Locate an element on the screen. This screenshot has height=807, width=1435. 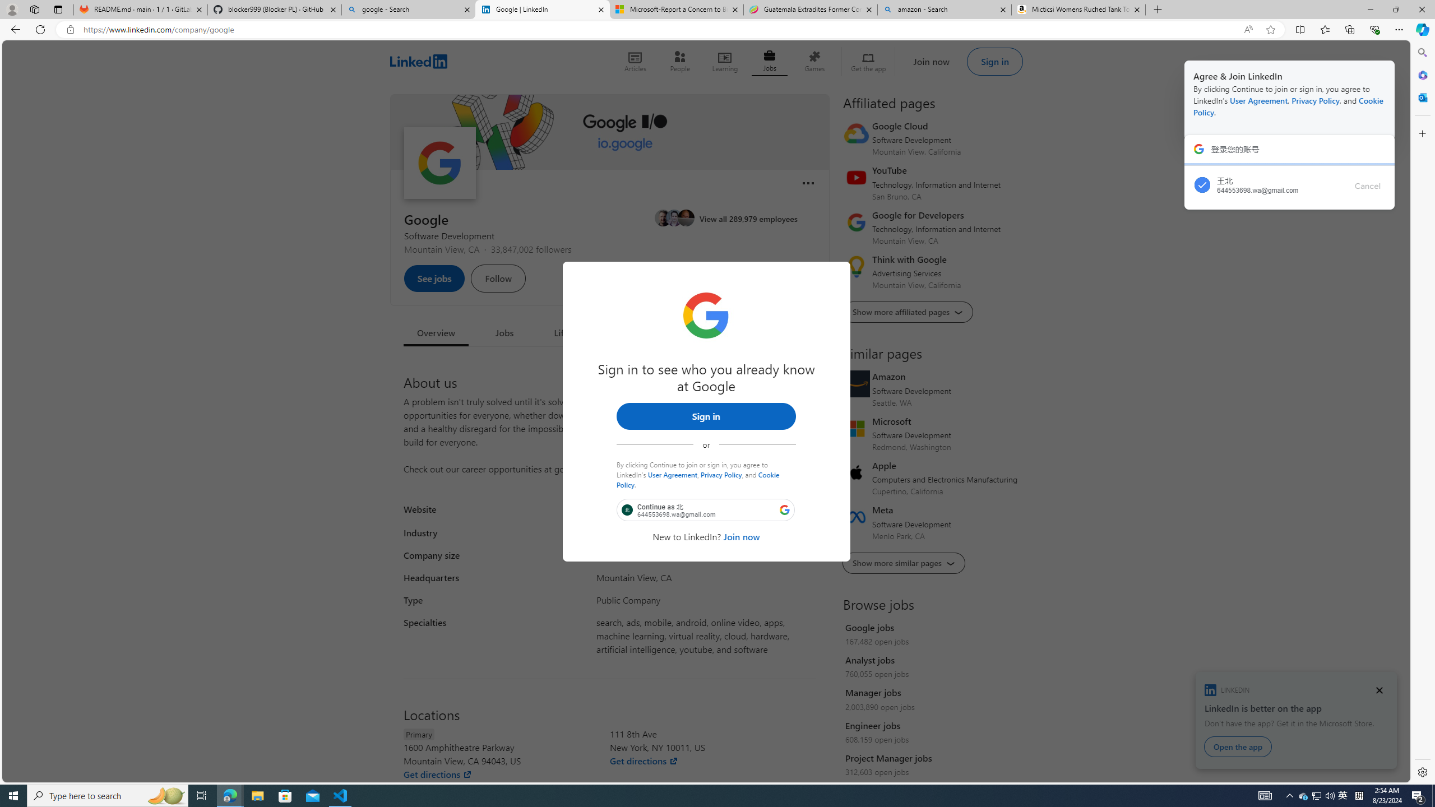
'Class: LgbsSe-Bz112c' is located at coordinates (784, 509).